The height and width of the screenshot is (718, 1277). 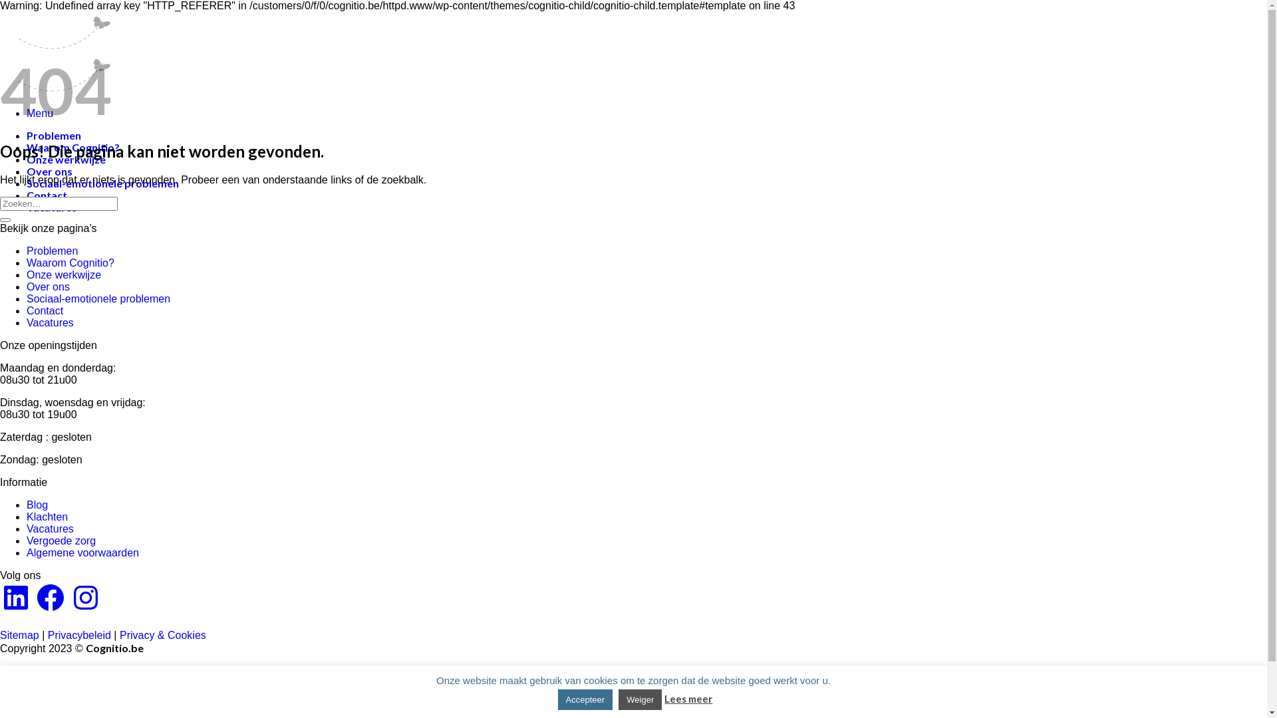 What do you see at coordinates (72, 147) in the screenshot?
I see `'Waarom Cognitio?'` at bounding box center [72, 147].